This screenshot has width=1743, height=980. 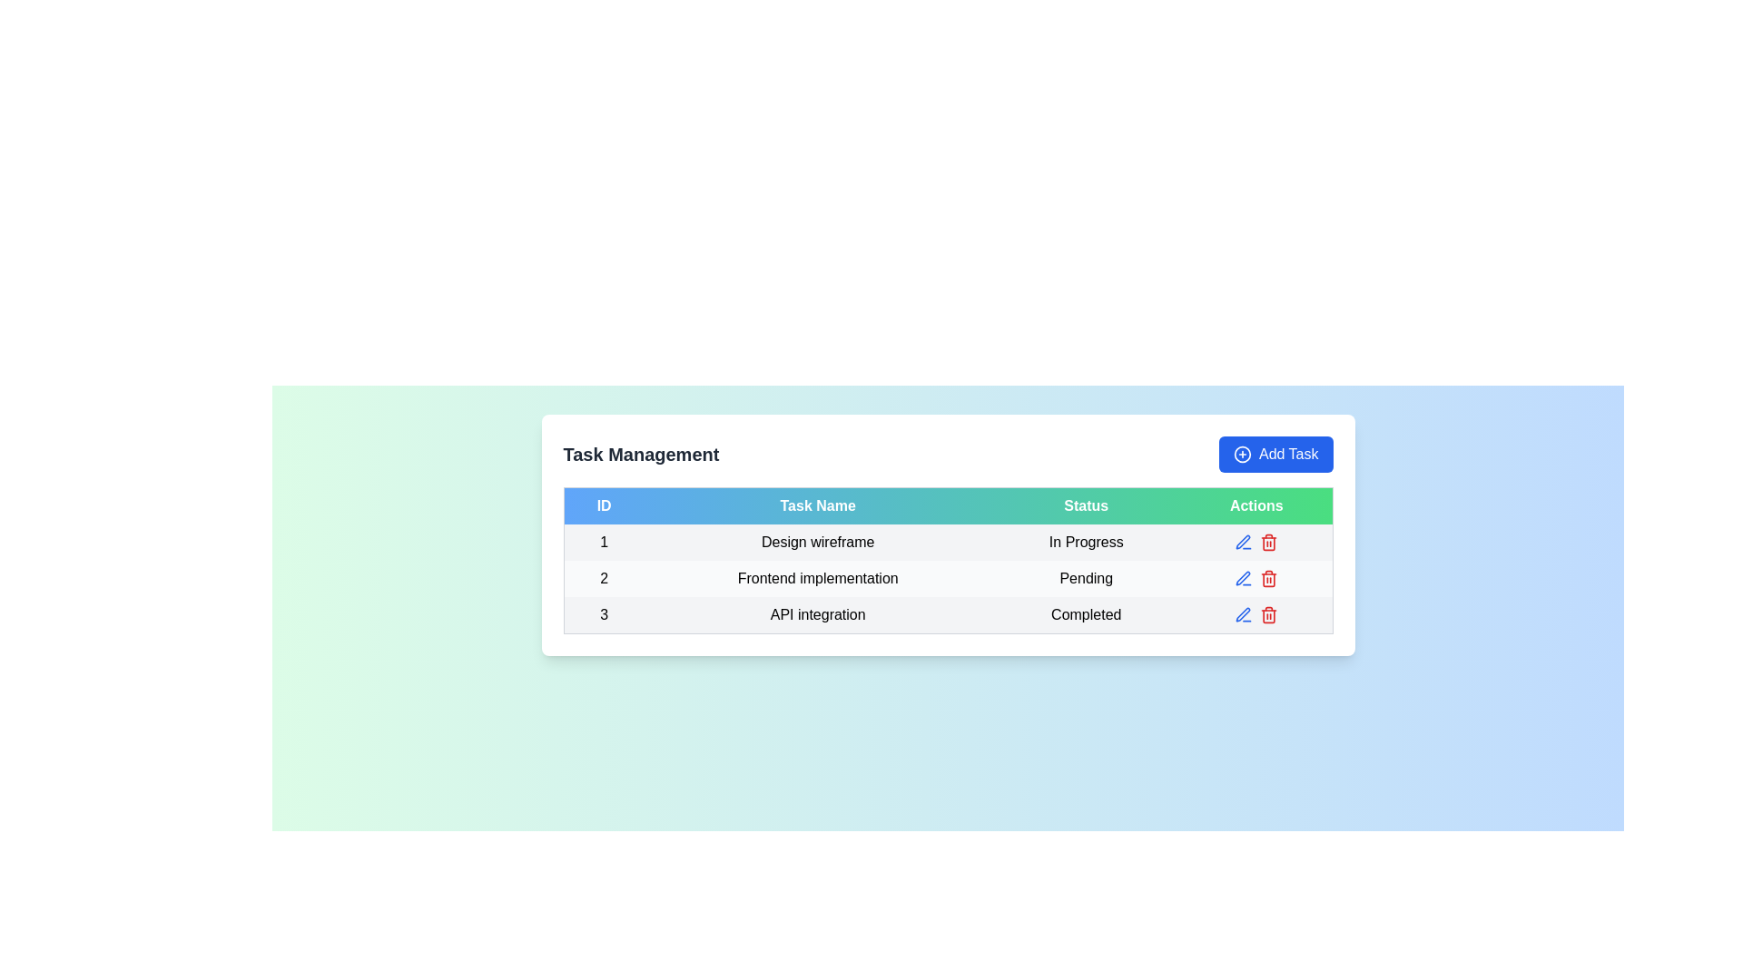 What do you see at coordinates (947, 578) in the screenshot?
I see `the second table row containing the task with ID '2', Task Name 'Frontend implementation', and Status 'Pending'` at bounding box center [947, 578].